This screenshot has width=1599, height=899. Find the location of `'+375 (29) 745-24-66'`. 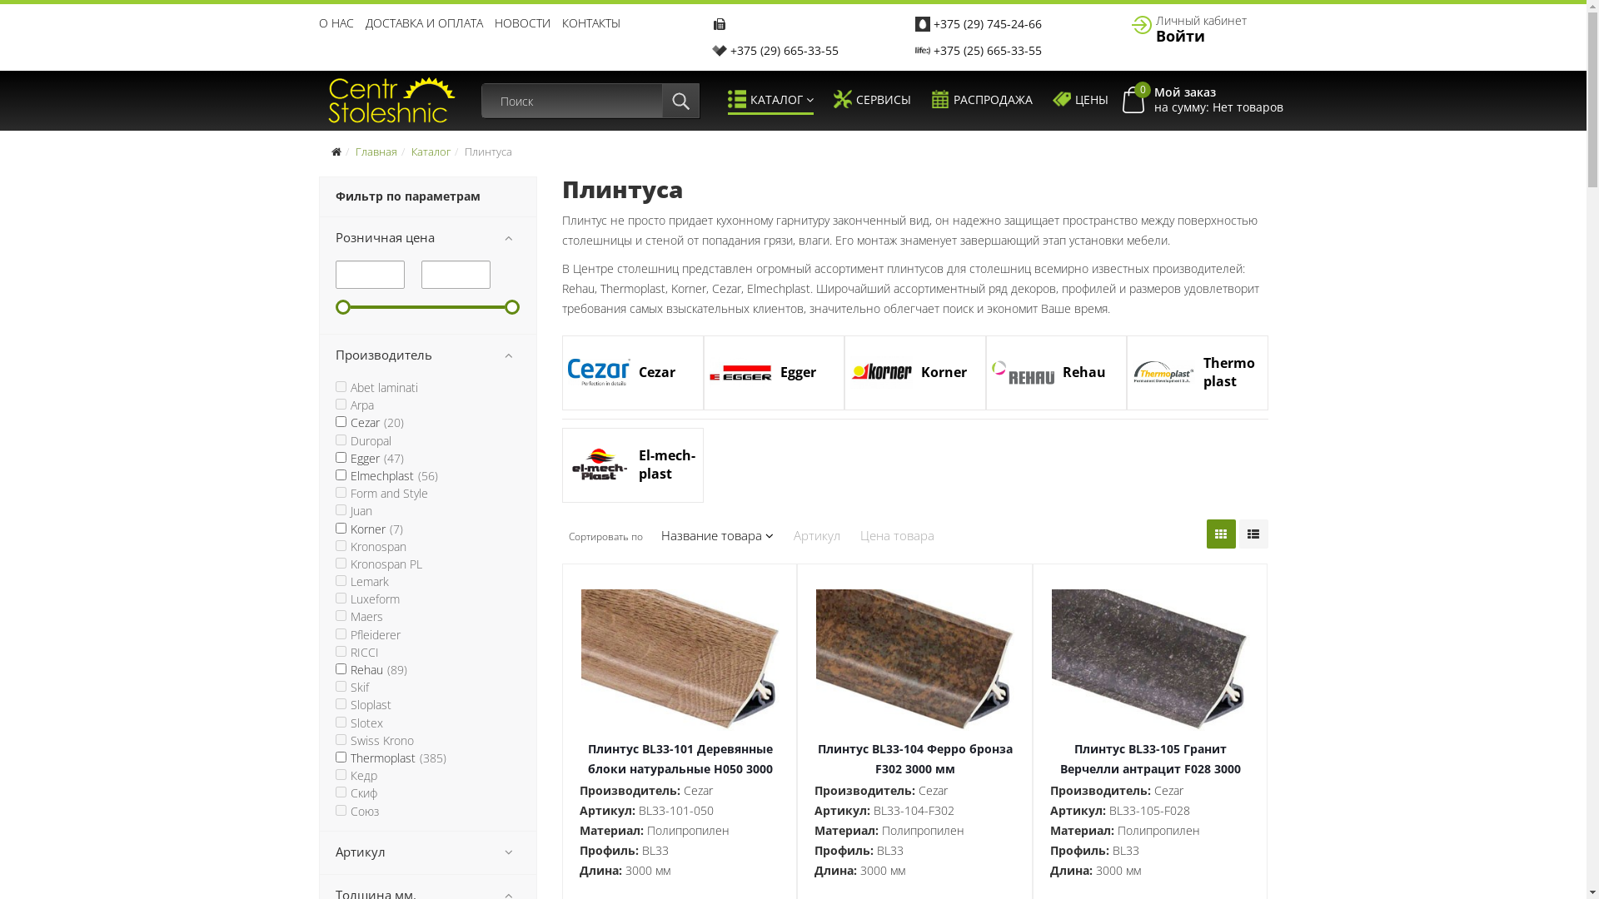

'+375 (29) 745-24-66' is located at coordinates (987, 23).